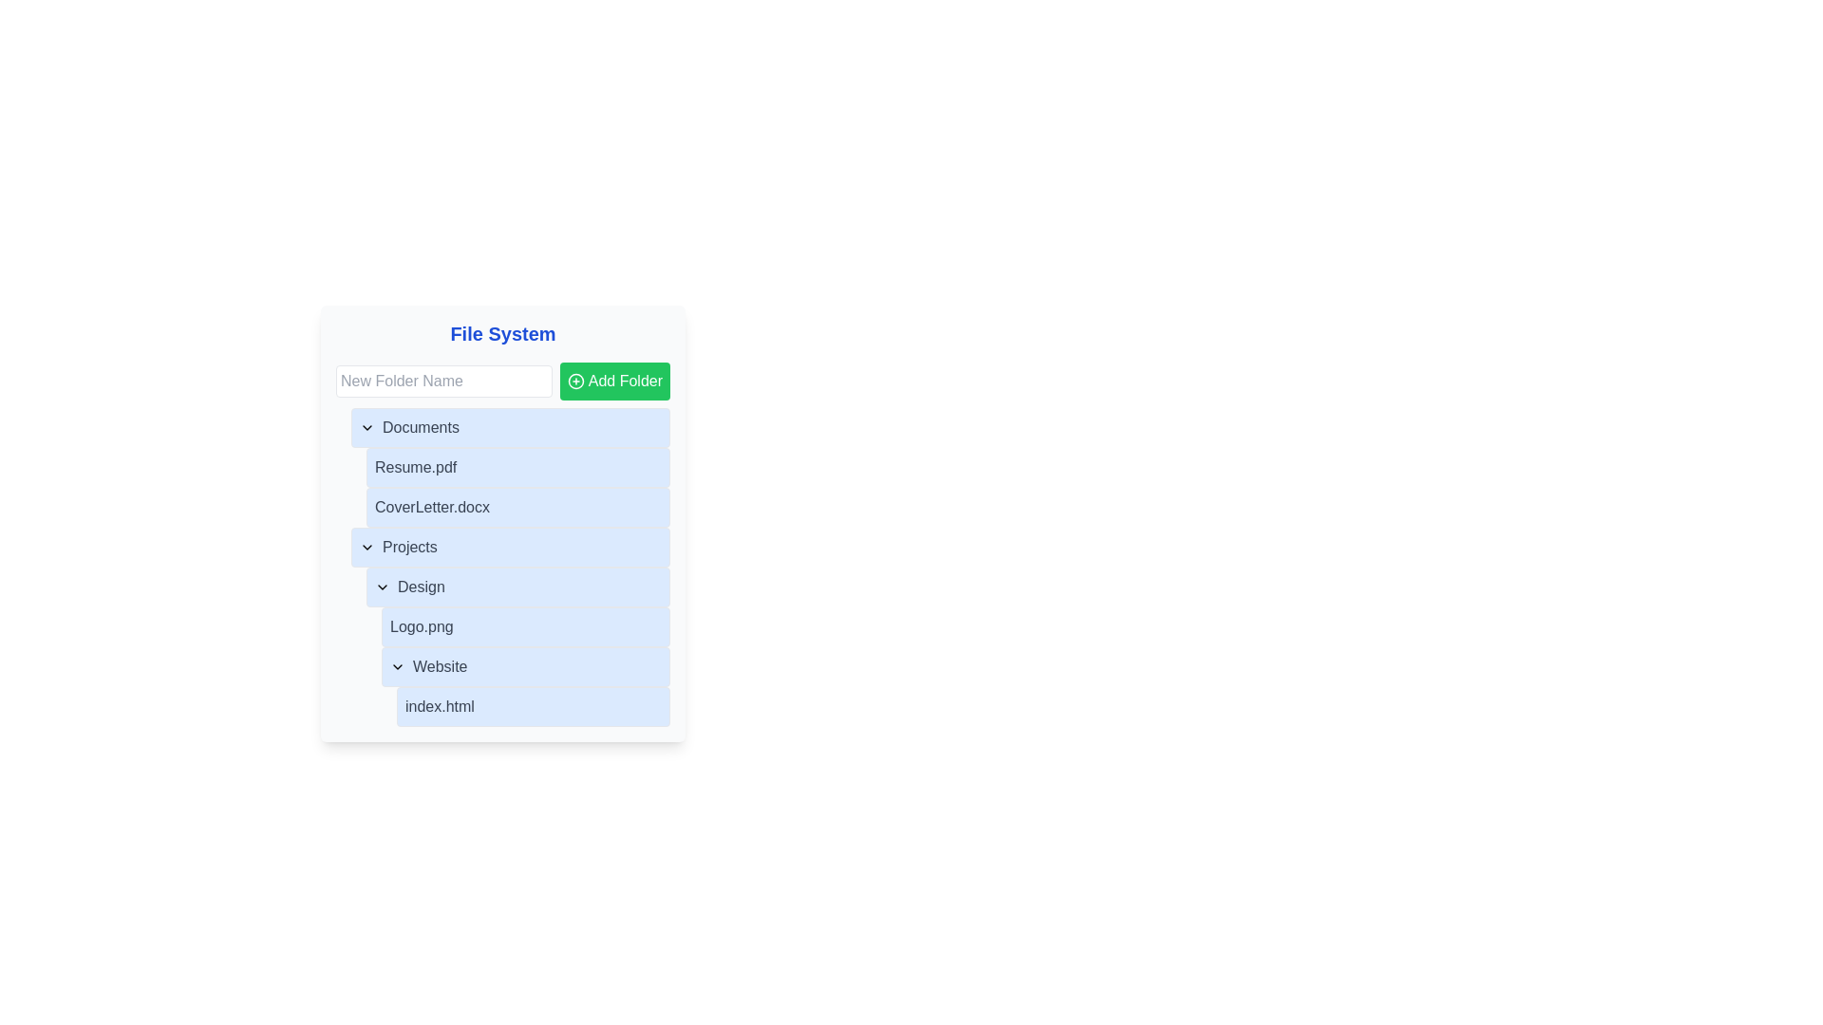  I want to click on the leftmost icon indicating the collapsed state of the 'Website' directory, so click(400, 665).